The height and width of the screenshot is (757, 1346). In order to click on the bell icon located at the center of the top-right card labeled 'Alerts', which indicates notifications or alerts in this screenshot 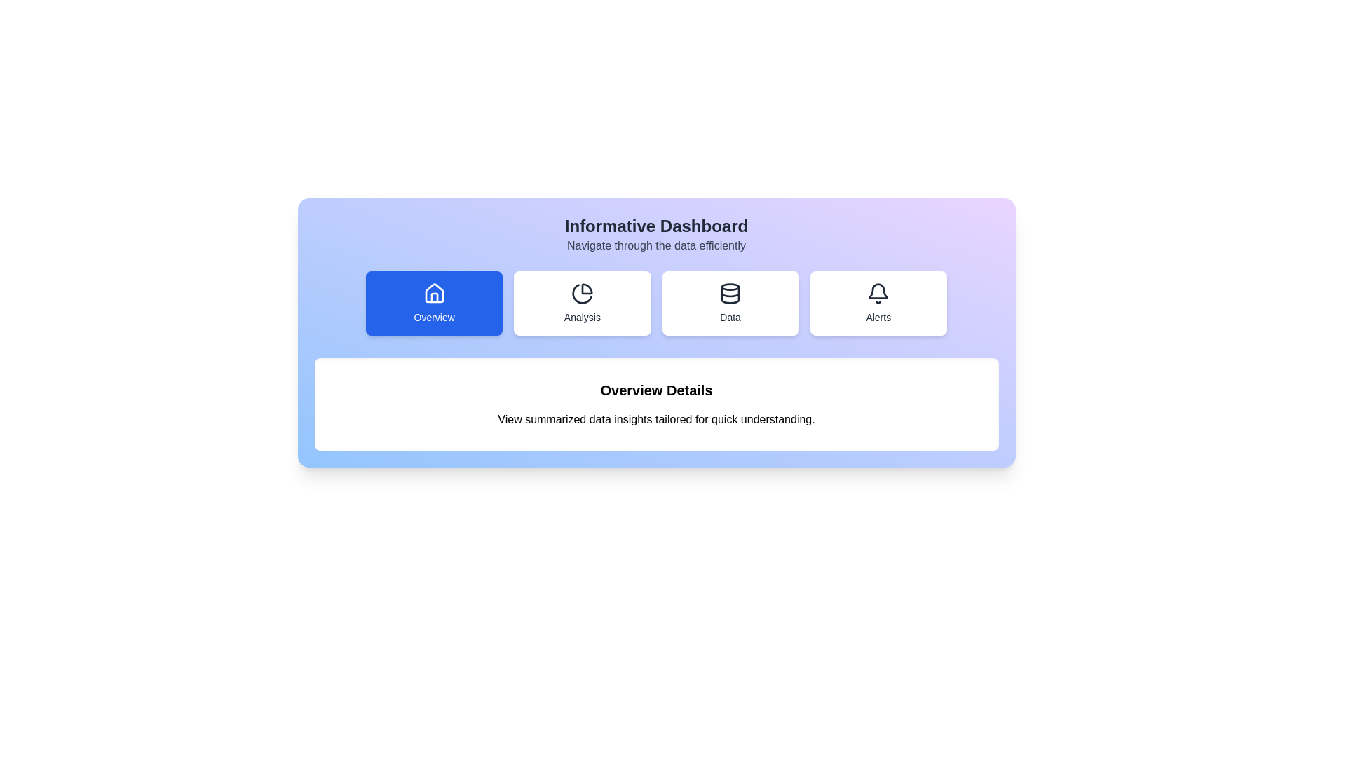, I will do `click(878, 293)`.